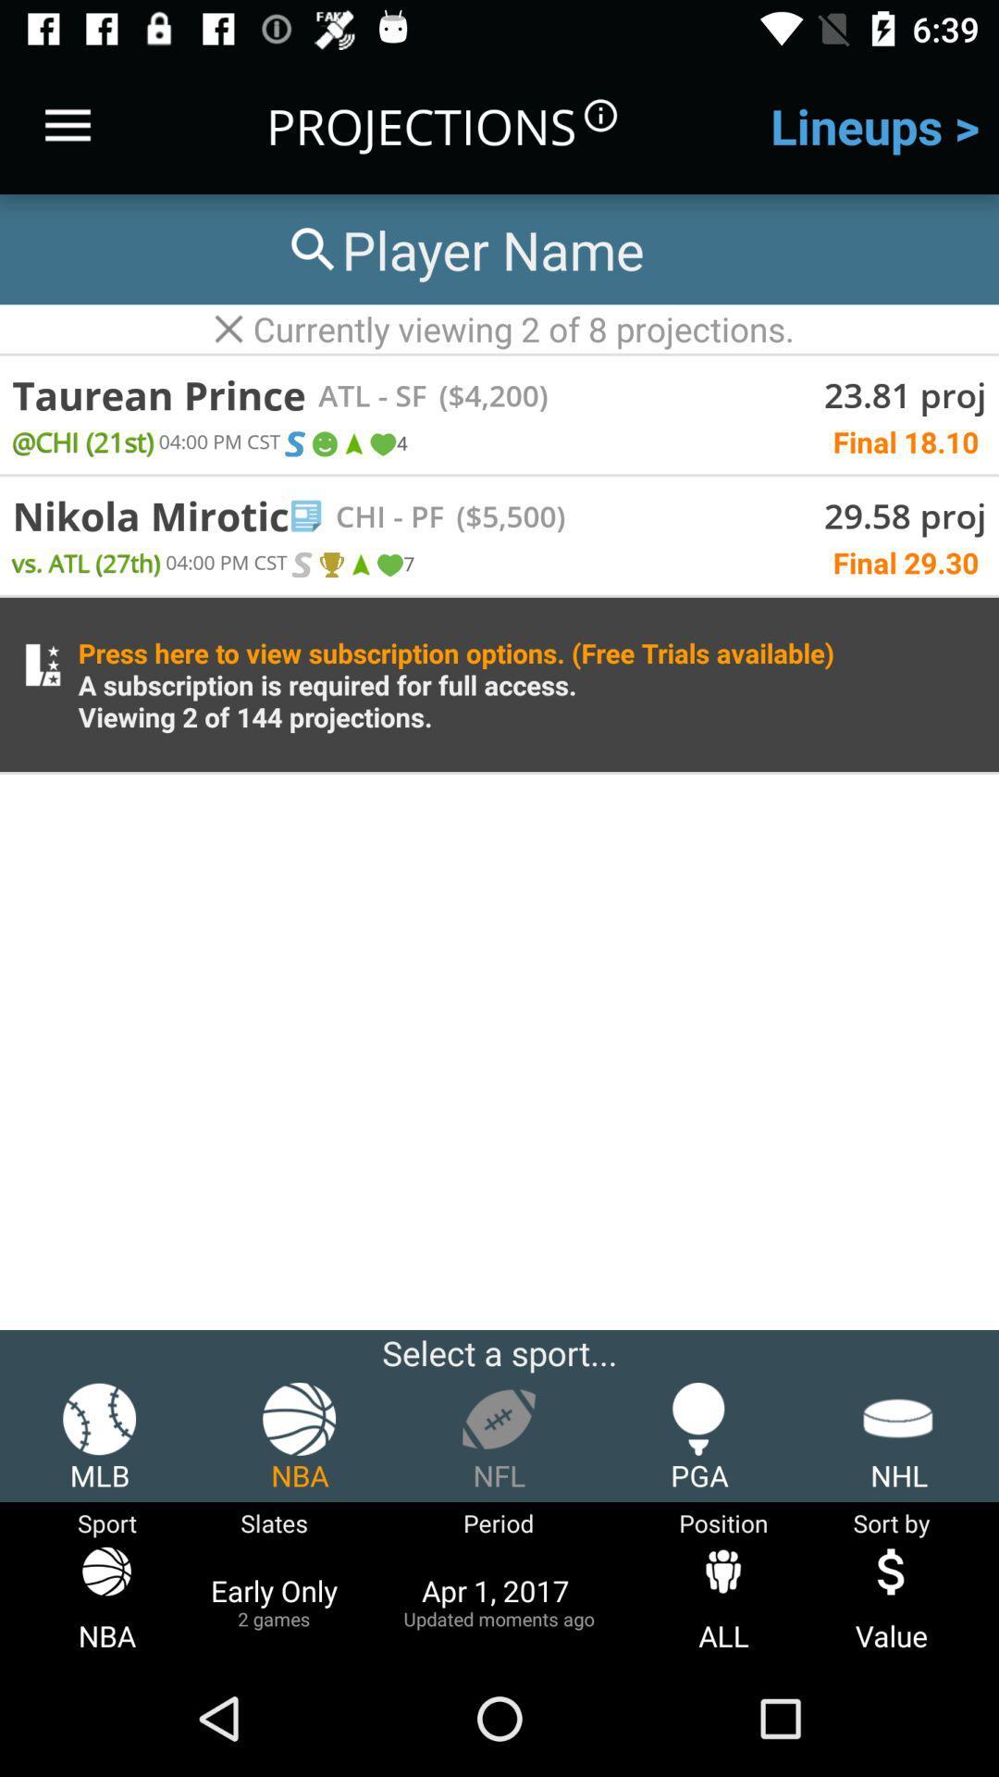  I want to click on the item above press here to, so click(393, 564).